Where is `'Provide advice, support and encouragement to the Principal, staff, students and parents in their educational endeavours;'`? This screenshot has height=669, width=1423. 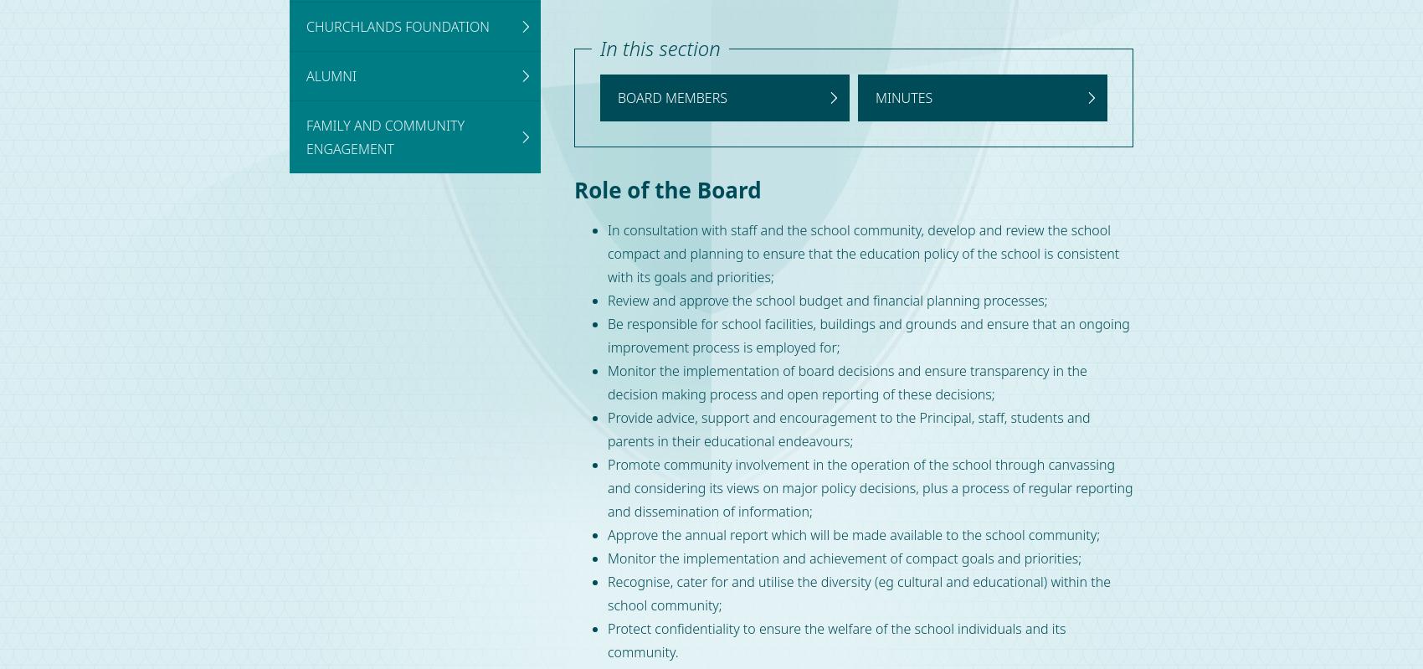 'Provide advice, support and encouragement to the Principal, staff, students and parents in their educational endeavours;' is located at coordinates (848, 430).